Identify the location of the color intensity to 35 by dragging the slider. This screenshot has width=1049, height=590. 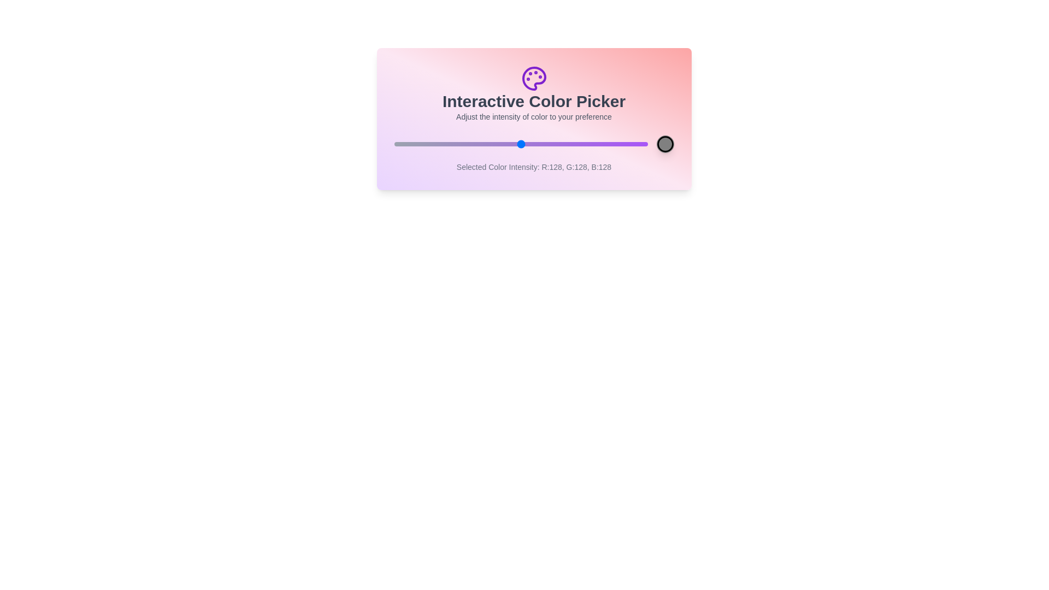
(428, 143).